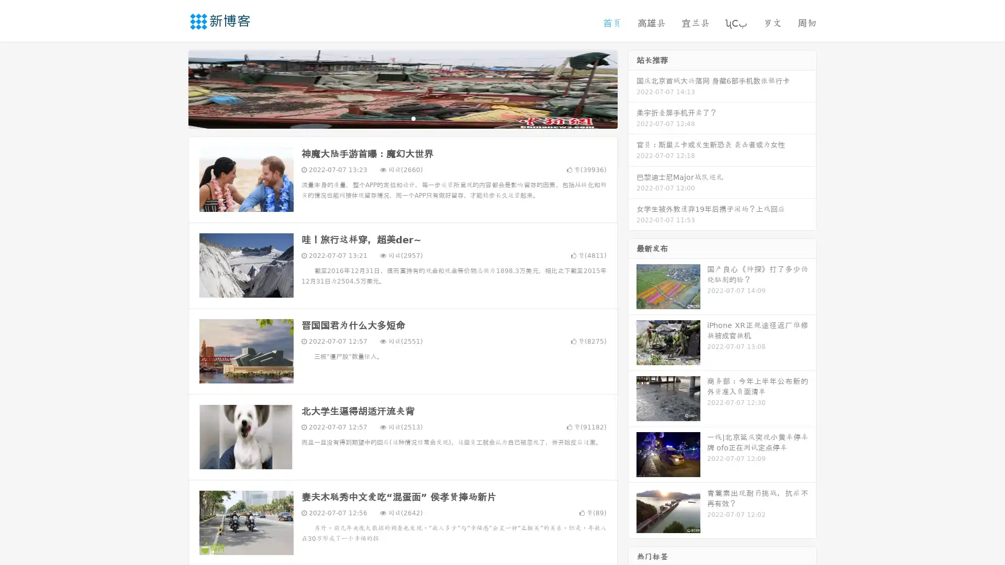 The image size is (1005, 565). Describe the element at coordinates (632, 88) in the screenshot. I see `Next slide` at that location.